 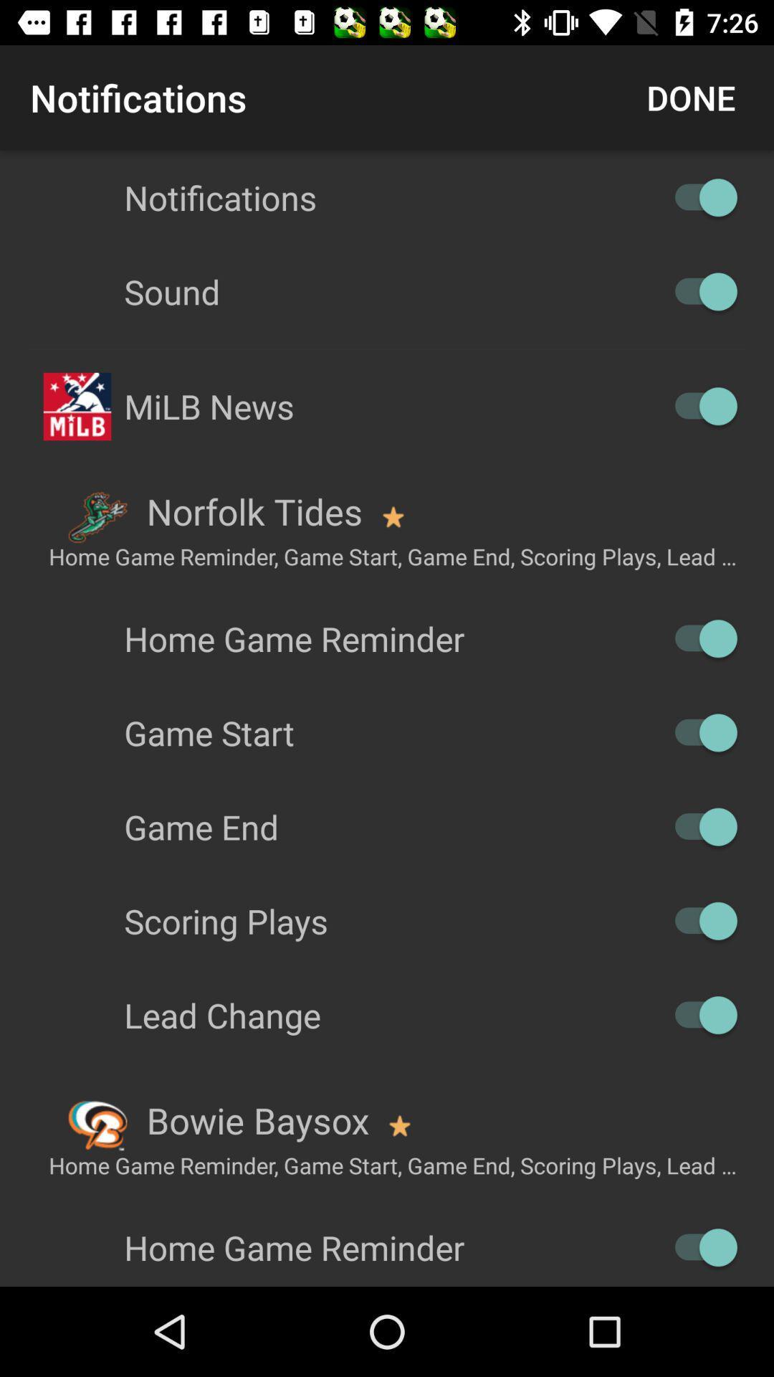 What do you see at coordinates (690, 97) in the screenshot?
I see `done button` at bounding box center [690, 97].